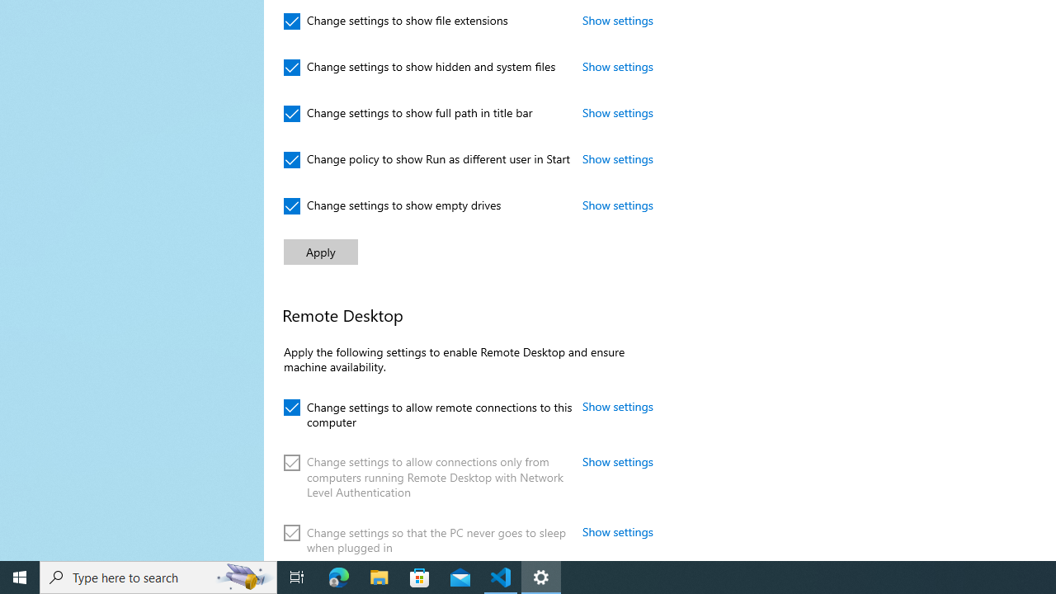 The height and width of the screenshot is (594, 1056). I want to click on 'Change settings to show full path in title bar', so click(408, 112).